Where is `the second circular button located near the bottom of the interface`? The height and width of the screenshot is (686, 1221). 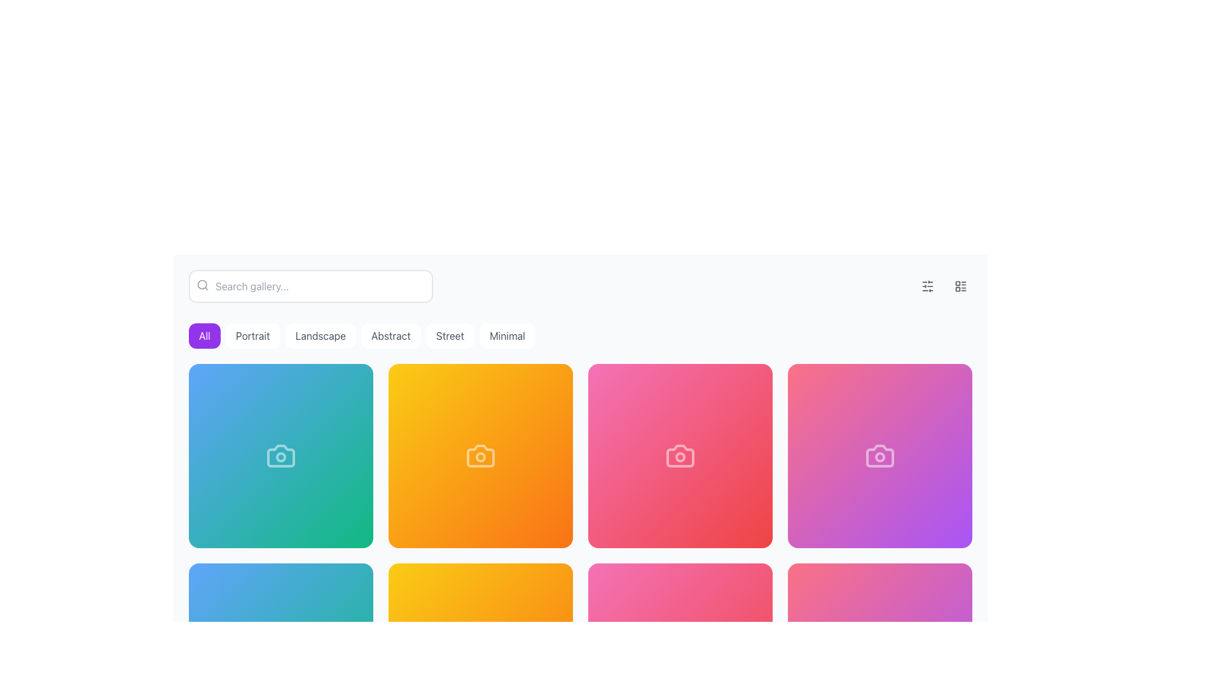 the second circular button located near the bottom of the interface is located at coordinates (680, 656).